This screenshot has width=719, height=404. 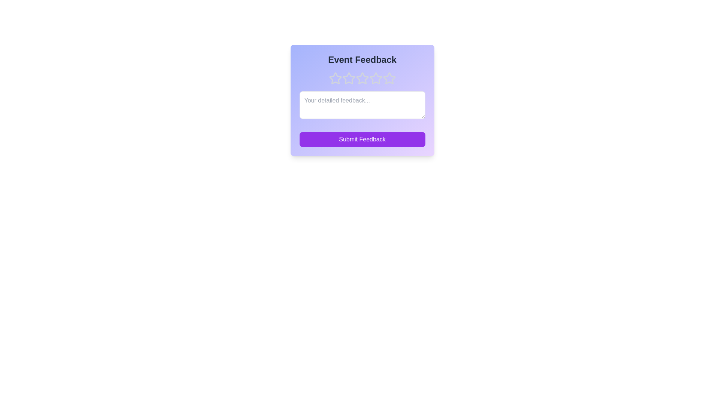 I want to click on the rating to 5 stars by clicking on the corresponding star, so click(x=389, y=78).